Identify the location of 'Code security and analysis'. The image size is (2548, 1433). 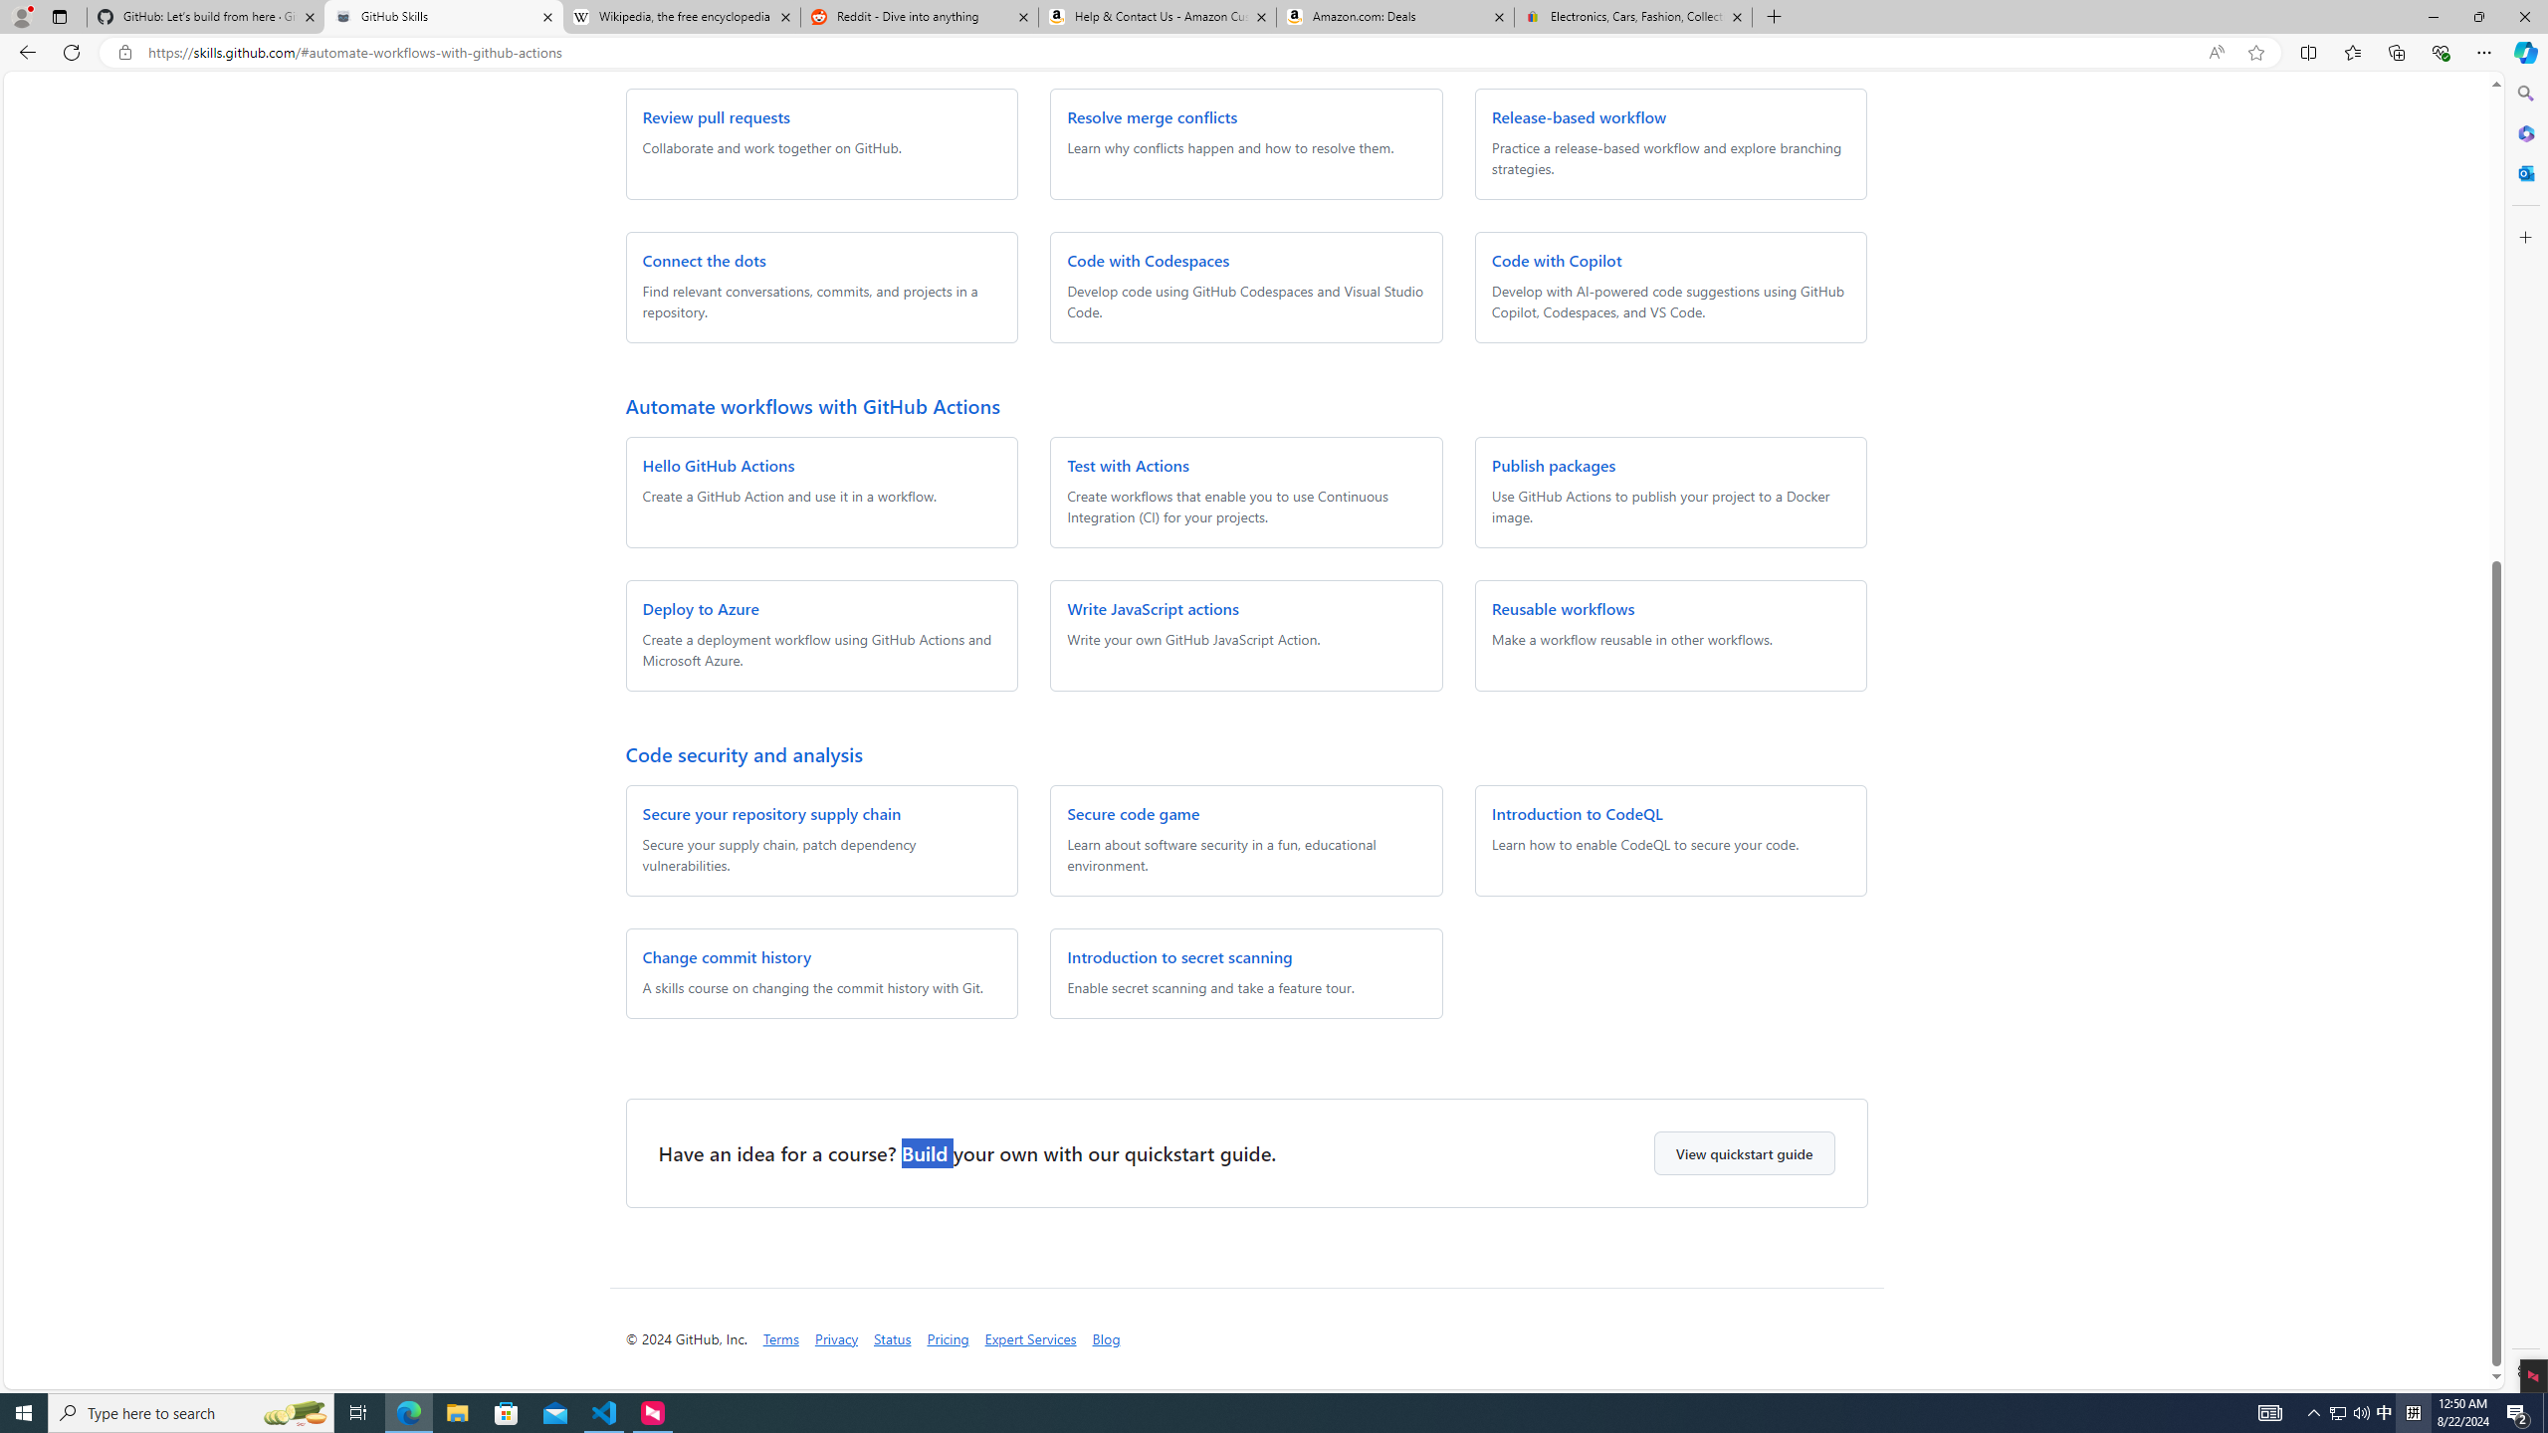
(743, 753).